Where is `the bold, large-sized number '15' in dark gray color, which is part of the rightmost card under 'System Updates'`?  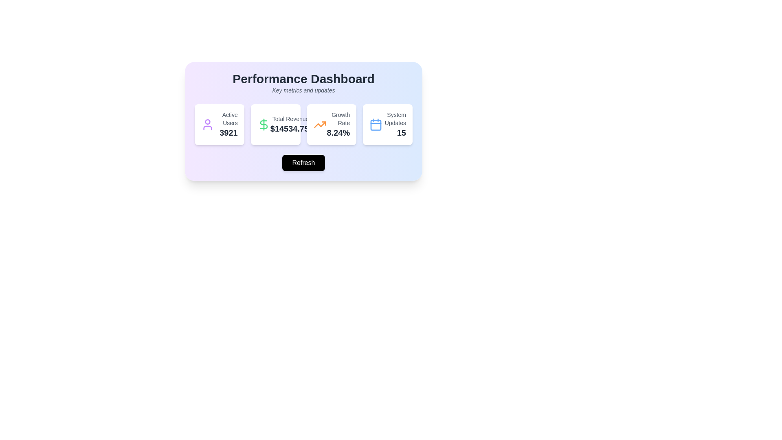 the bold, large-sized number '15' in dark gray color, which is part of the rightmost card under 'System Updates' is located at coordinates (394, 132).